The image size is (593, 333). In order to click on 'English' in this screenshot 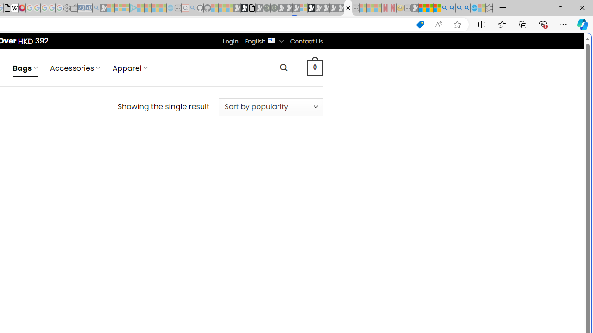, I will do `click(271, 39)`.